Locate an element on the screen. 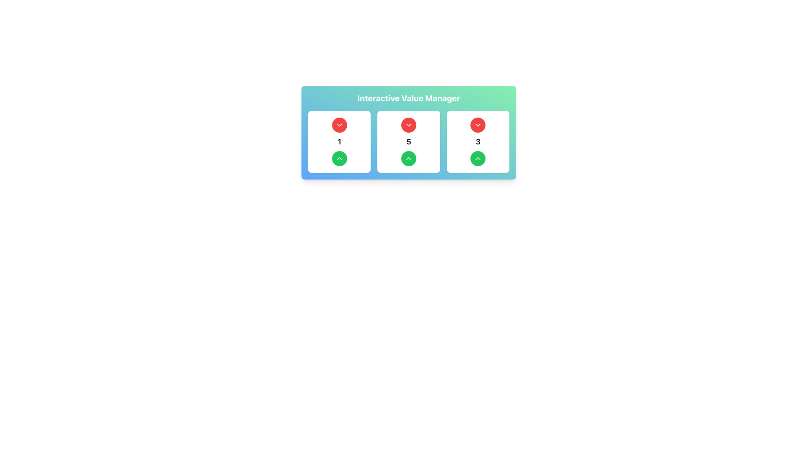 The image size is (805, 452). the bold, black number '3' displayed in a moderately large font within the third interactive card of the 'Interactive Value Manager', located between the red and green circular buttons is located at coordinates (478, 141).